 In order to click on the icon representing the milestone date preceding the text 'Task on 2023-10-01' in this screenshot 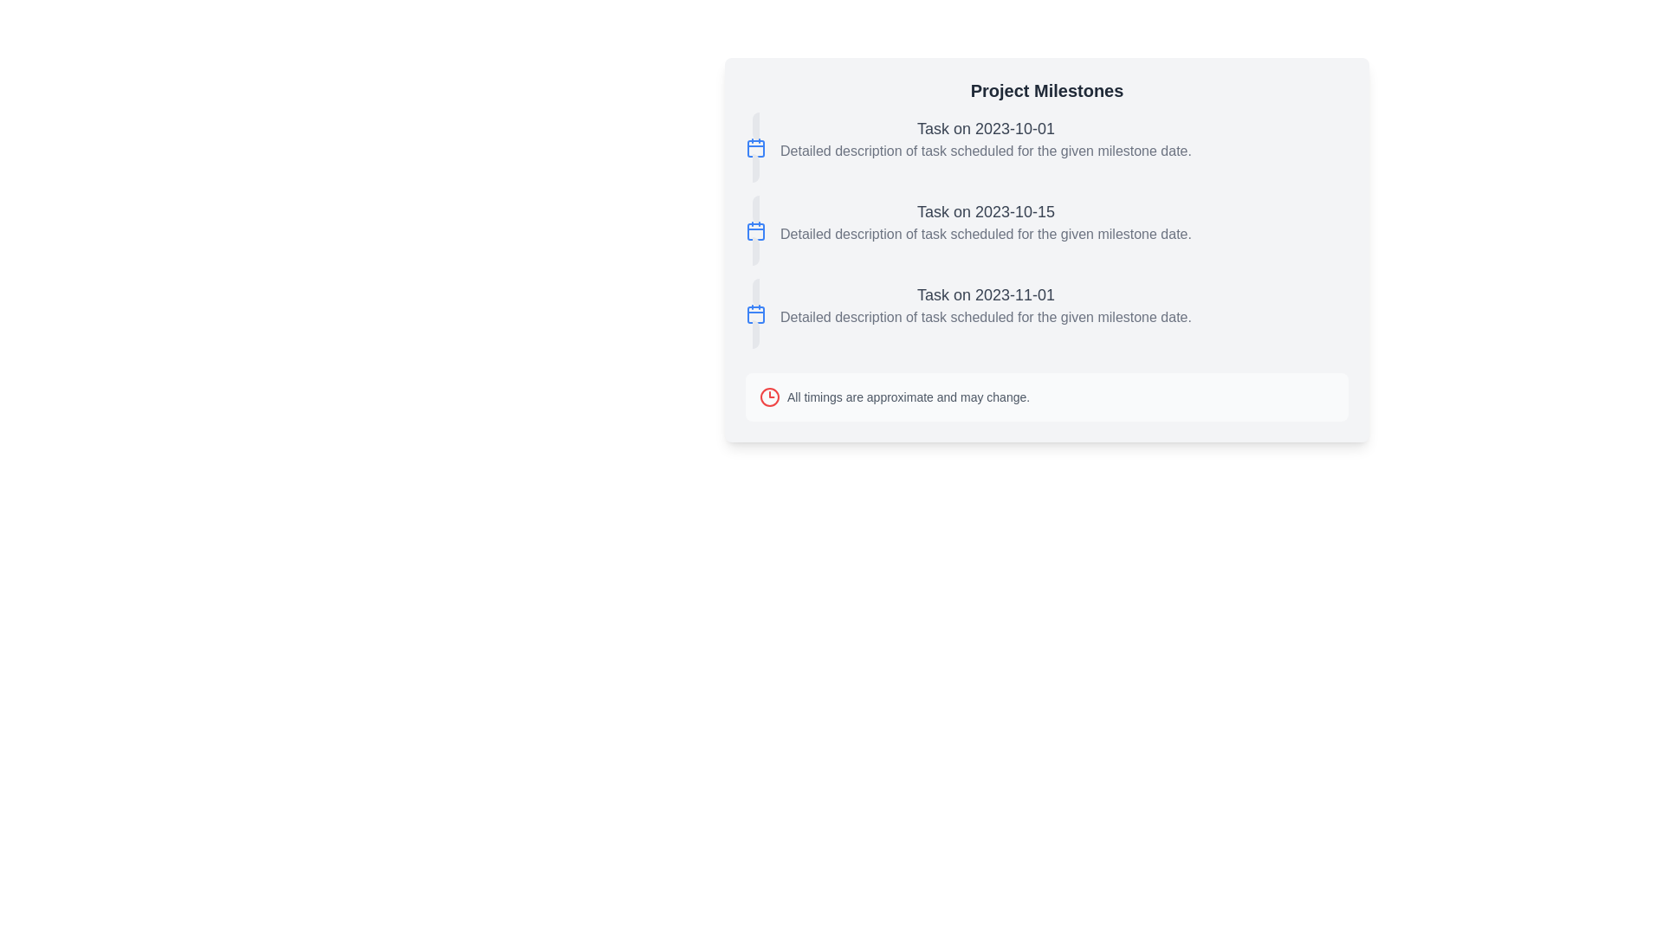, I will do `click(756, 146)`.